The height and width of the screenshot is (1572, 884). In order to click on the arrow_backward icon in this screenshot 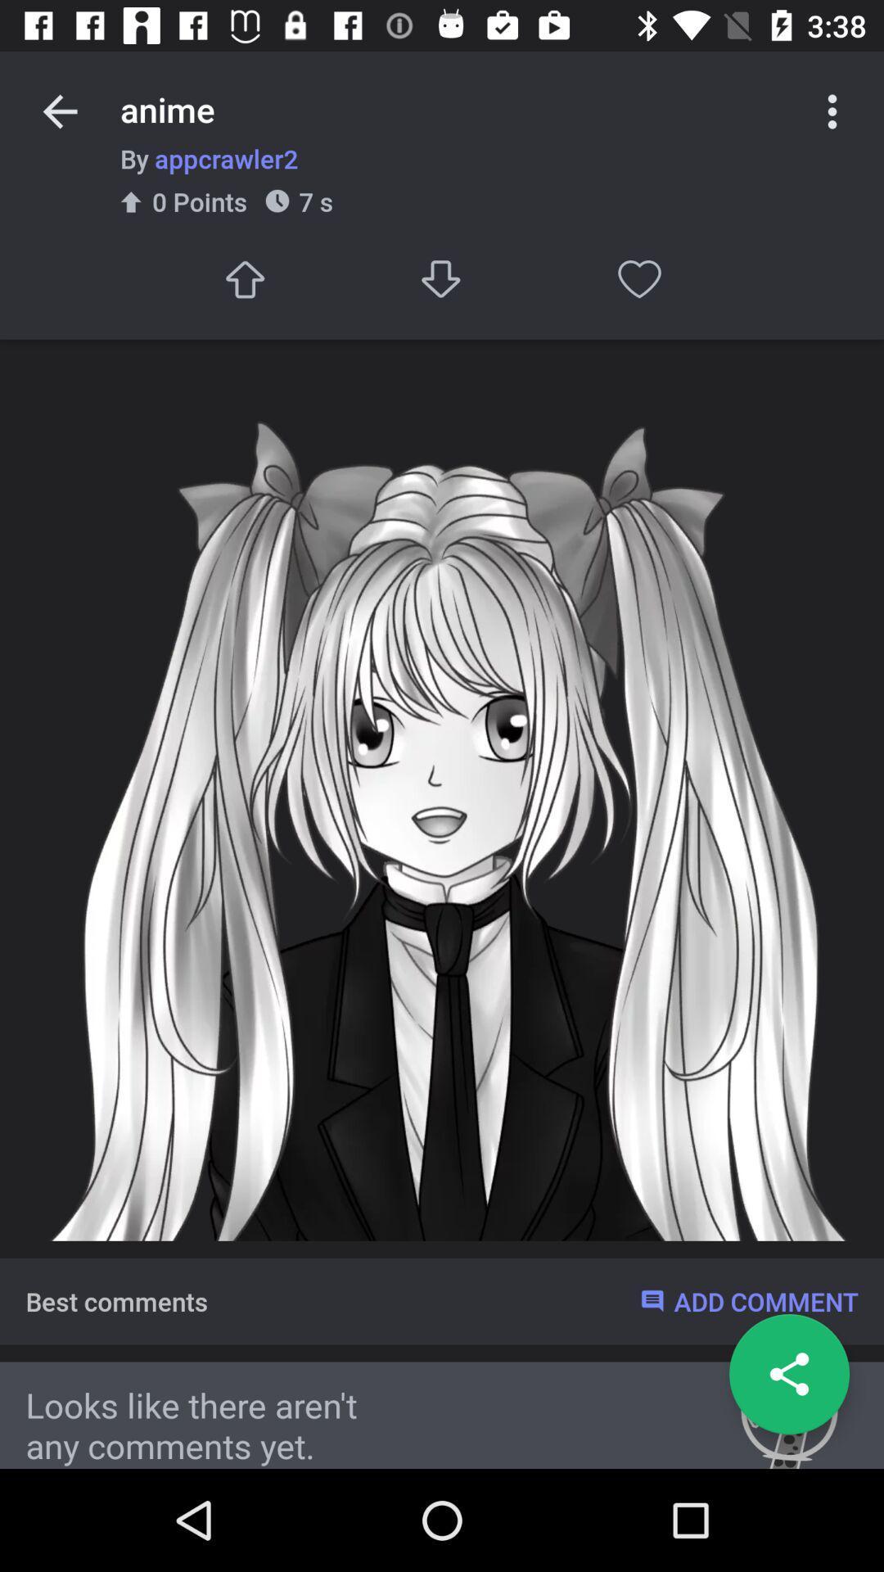, I will do `click(59, 111)`.